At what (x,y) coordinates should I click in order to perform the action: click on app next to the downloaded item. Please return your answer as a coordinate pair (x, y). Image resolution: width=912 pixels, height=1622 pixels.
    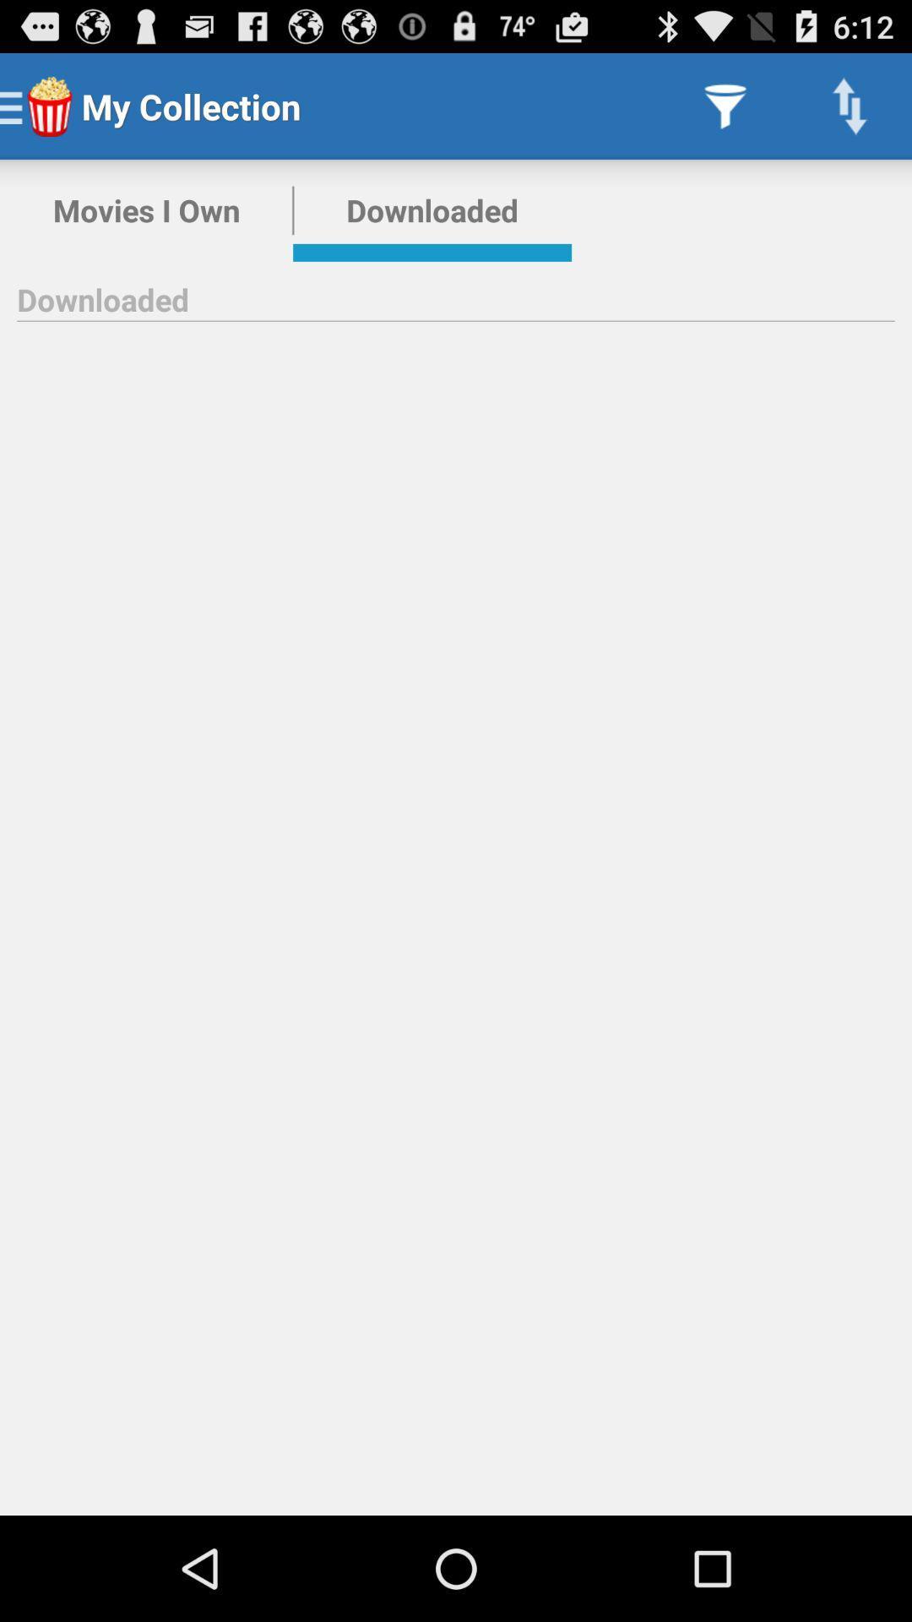
    Looking at the image, I should click on (725, 105).